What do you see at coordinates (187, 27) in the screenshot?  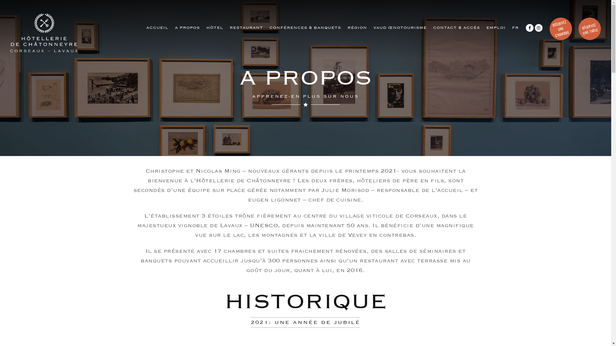 I see `'A PROPOS'` at bounding box center [187, 27].